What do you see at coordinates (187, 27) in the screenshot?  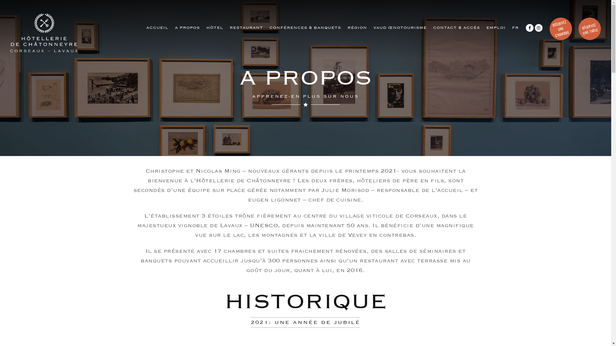 I see `'A PROPOS'` at bounding box center [187, 27].